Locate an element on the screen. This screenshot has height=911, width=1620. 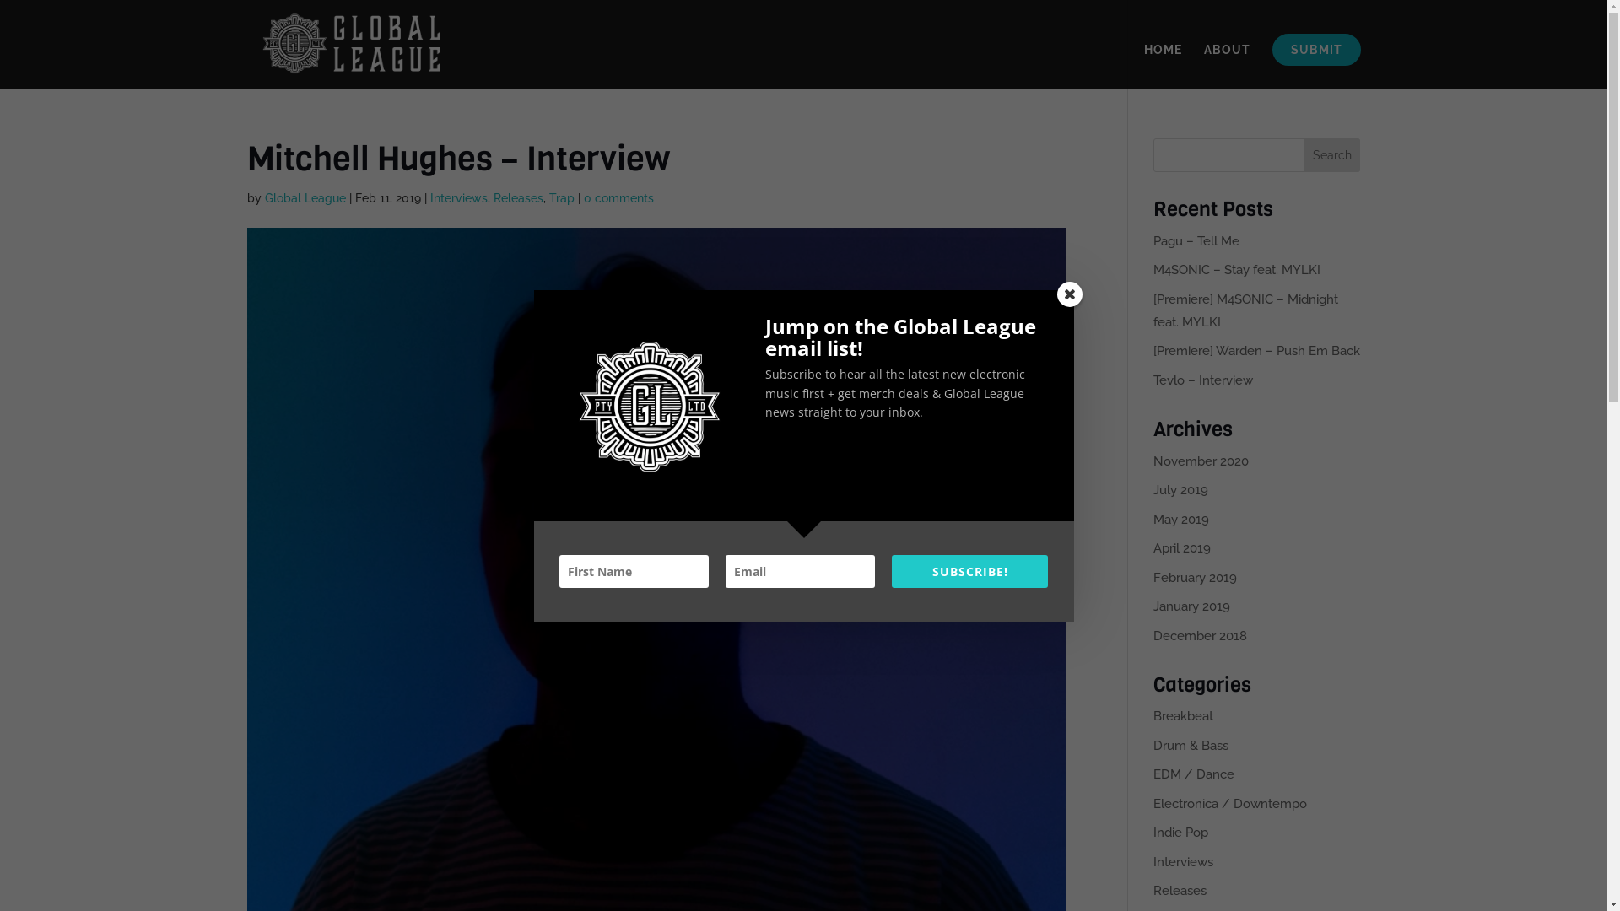
'Trap' is located at coordinates (561, 197).